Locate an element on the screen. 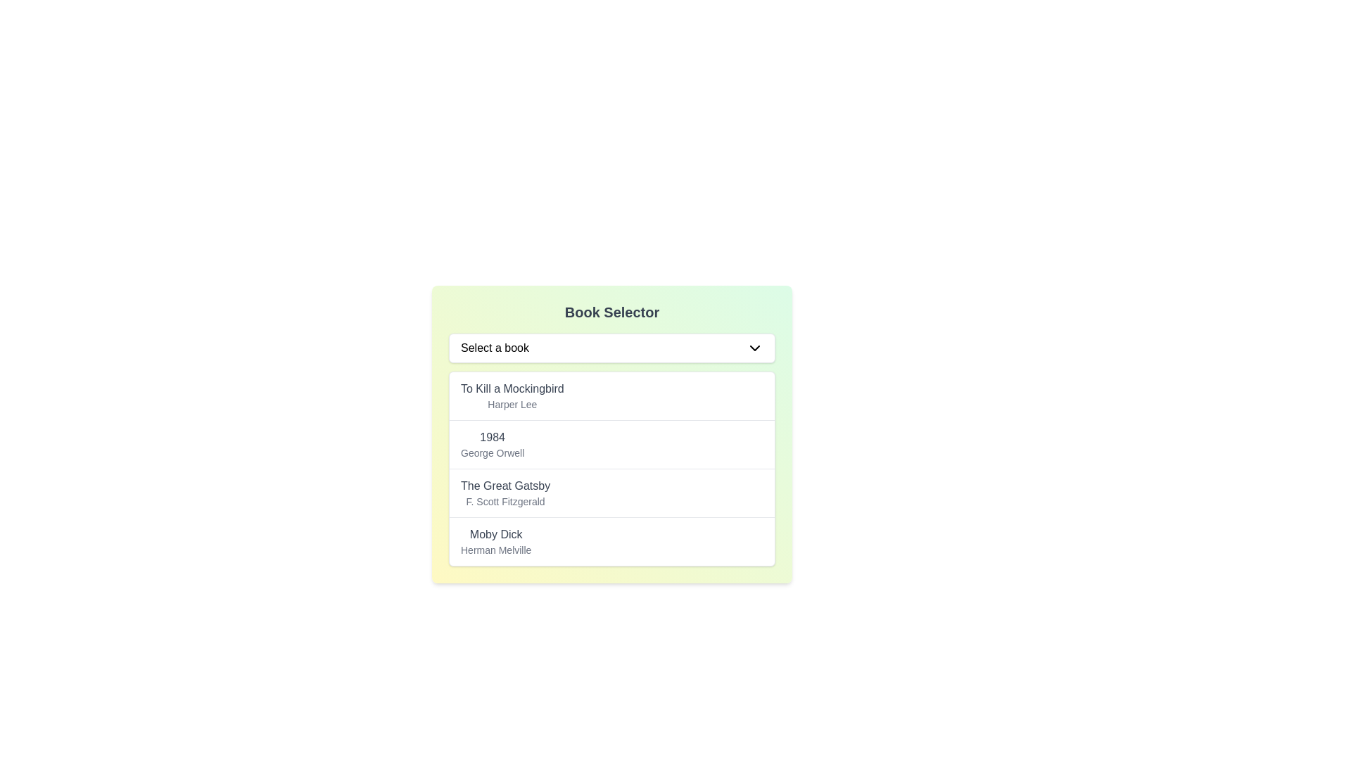 This screenshot has height=760, width=1351. the third item in the book choosing UI, which is 'The Great Gatsby' is located at coordinates (611, 491).